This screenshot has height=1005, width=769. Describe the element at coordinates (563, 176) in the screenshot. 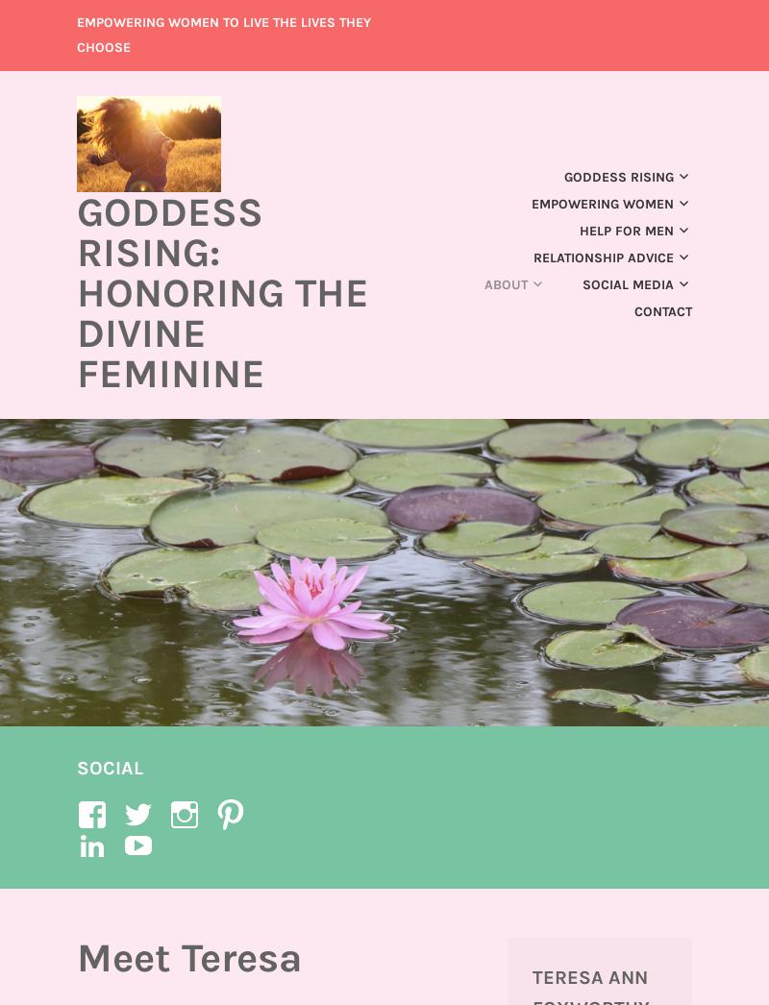

I see `'GODDESS RISING'` at that location.